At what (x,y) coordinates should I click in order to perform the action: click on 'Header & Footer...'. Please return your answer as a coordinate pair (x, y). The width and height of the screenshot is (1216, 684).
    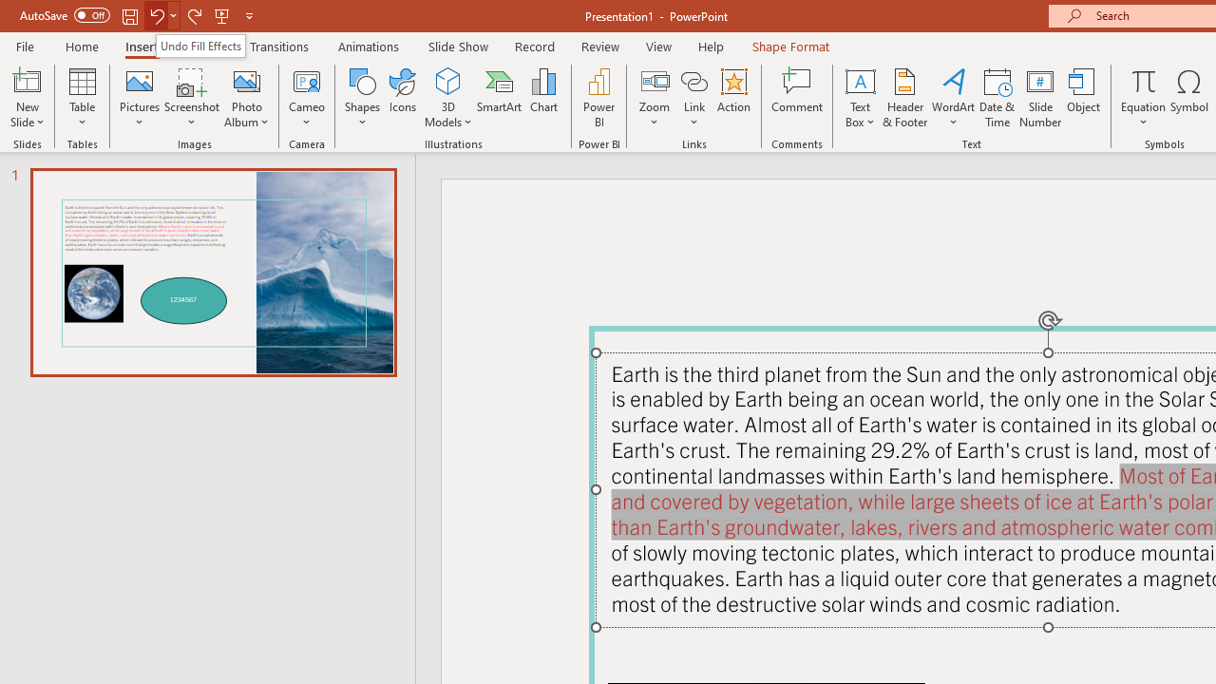
    Looking at the image, I should click on (903, 98).